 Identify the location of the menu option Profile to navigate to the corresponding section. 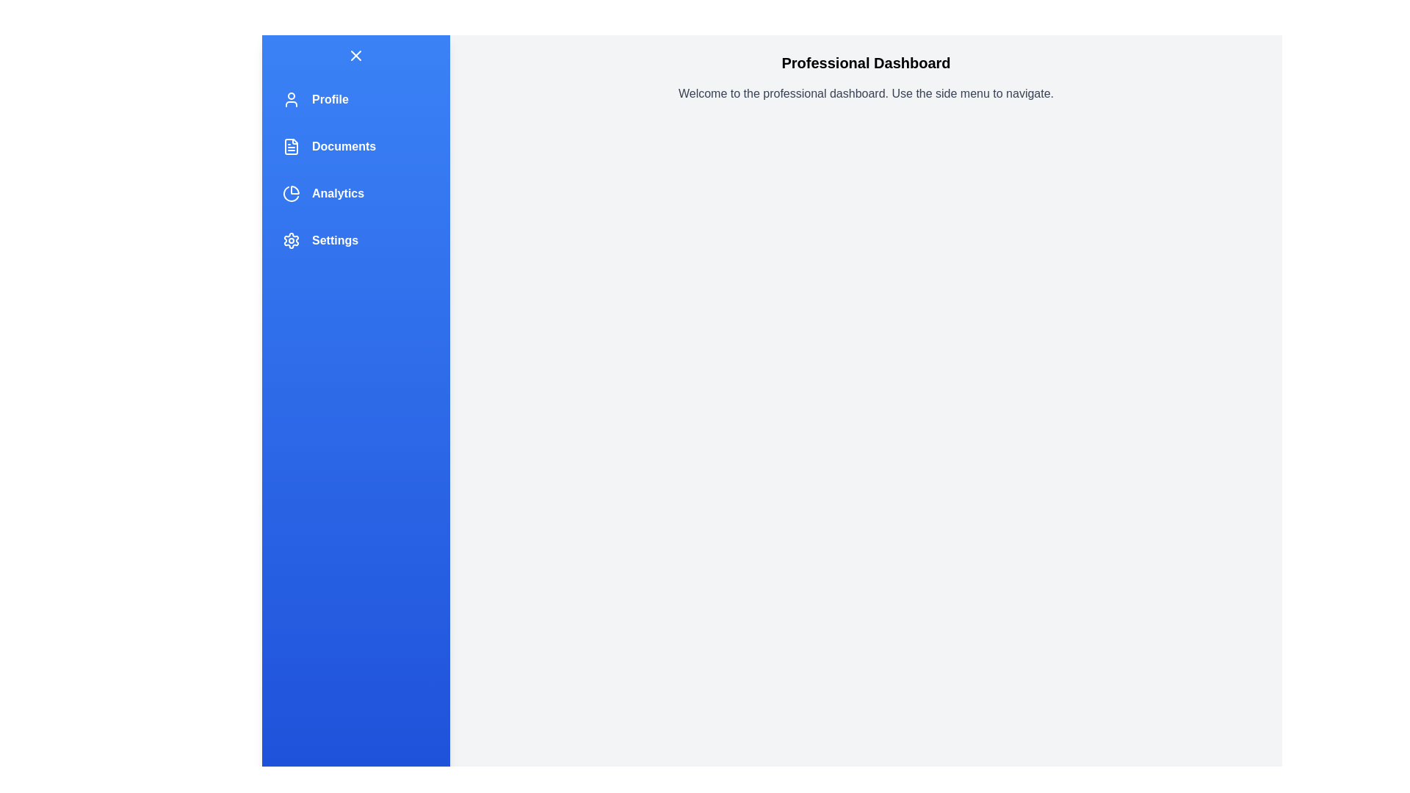
(355, 99).